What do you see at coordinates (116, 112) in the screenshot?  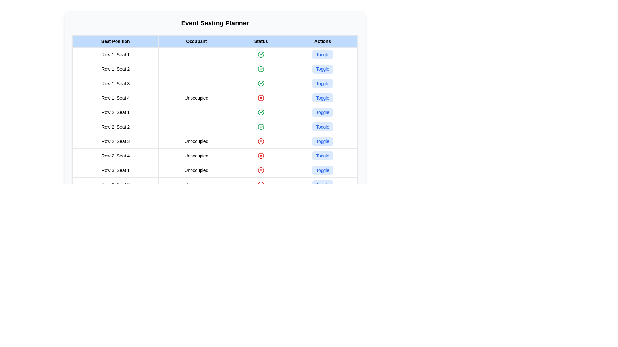 I see `information displayed in the Text element located in the first cell of Row 2 under the 'Seat Position' column of the event seating plan` at bounding box center [116, 112].